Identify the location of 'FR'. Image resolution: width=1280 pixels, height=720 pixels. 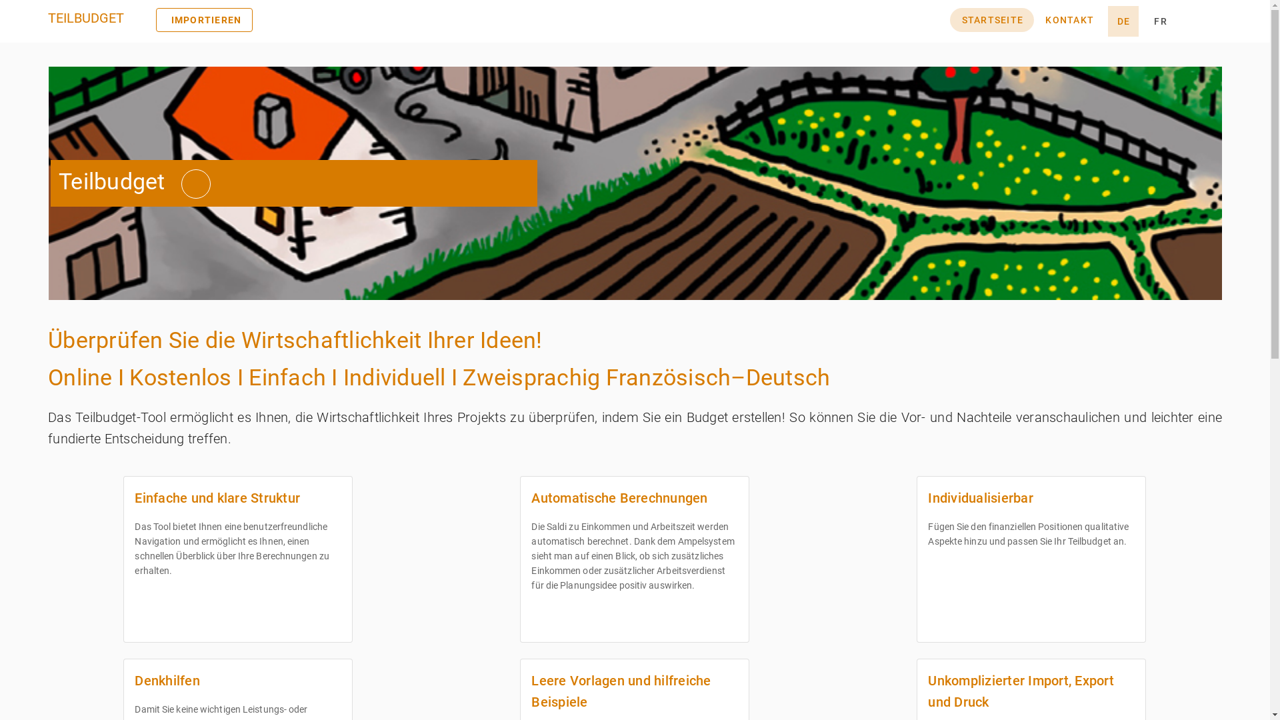
(1160, 21).